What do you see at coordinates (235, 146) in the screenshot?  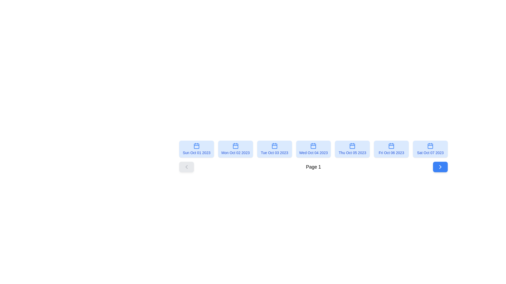 I see `the calendar icon with a blue outline located within the date card displaying 'Mon Oct 02 2023', which is the second icon from the left in the sequence` at bounding box center [235, 146].